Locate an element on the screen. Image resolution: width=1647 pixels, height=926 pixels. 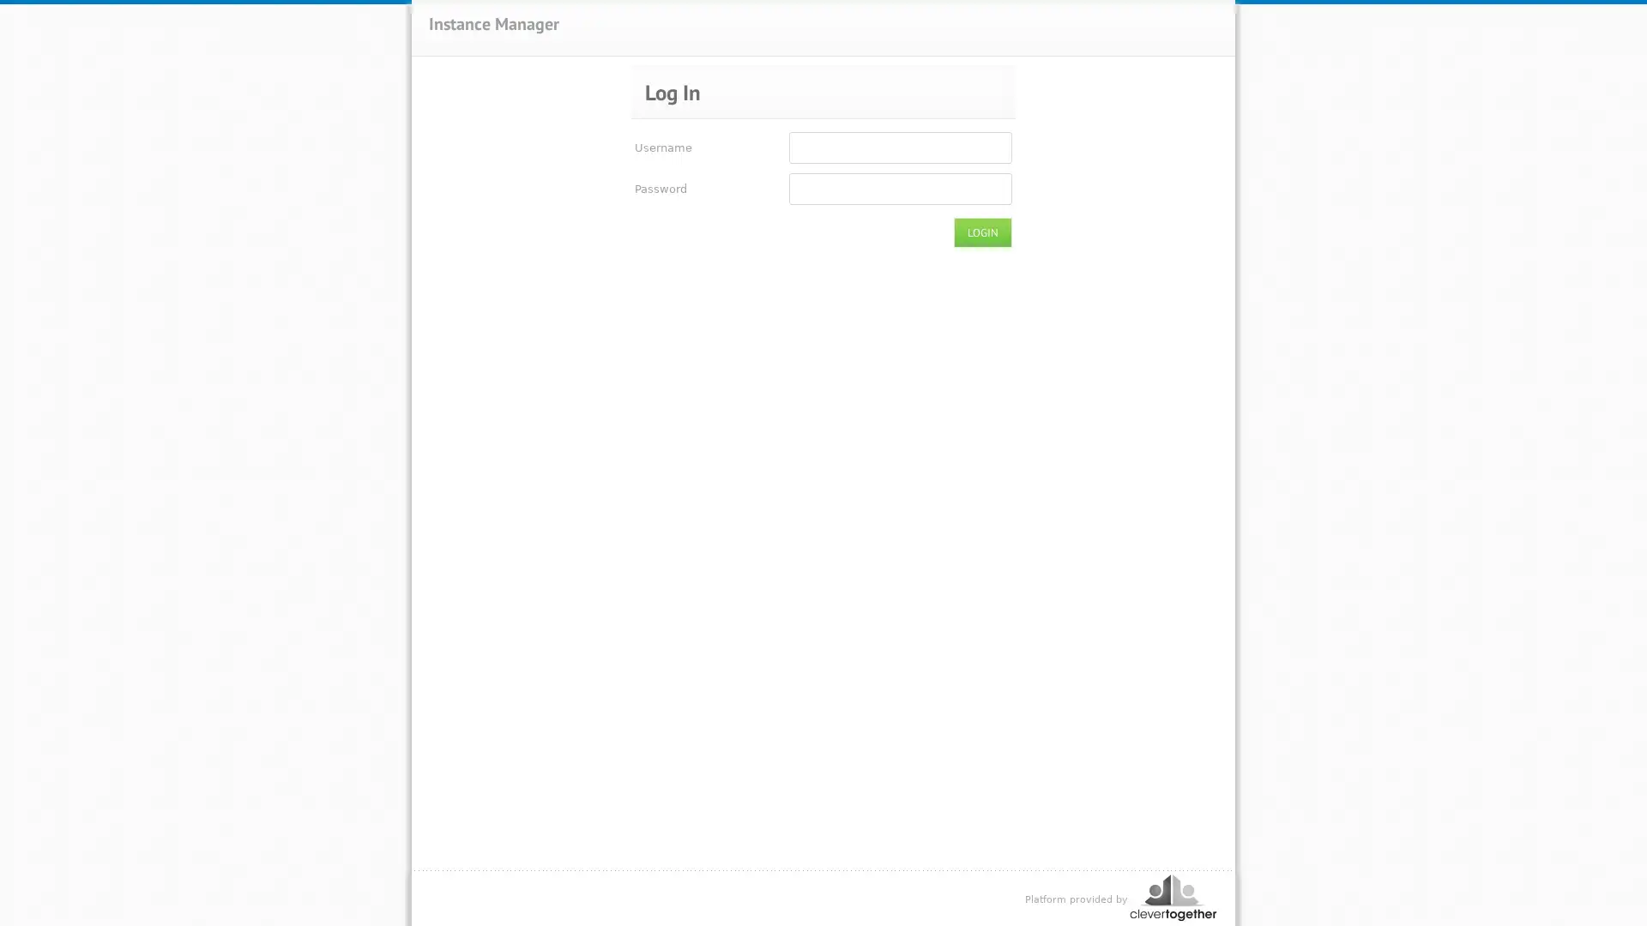
login is located at coordinates (983, 232).